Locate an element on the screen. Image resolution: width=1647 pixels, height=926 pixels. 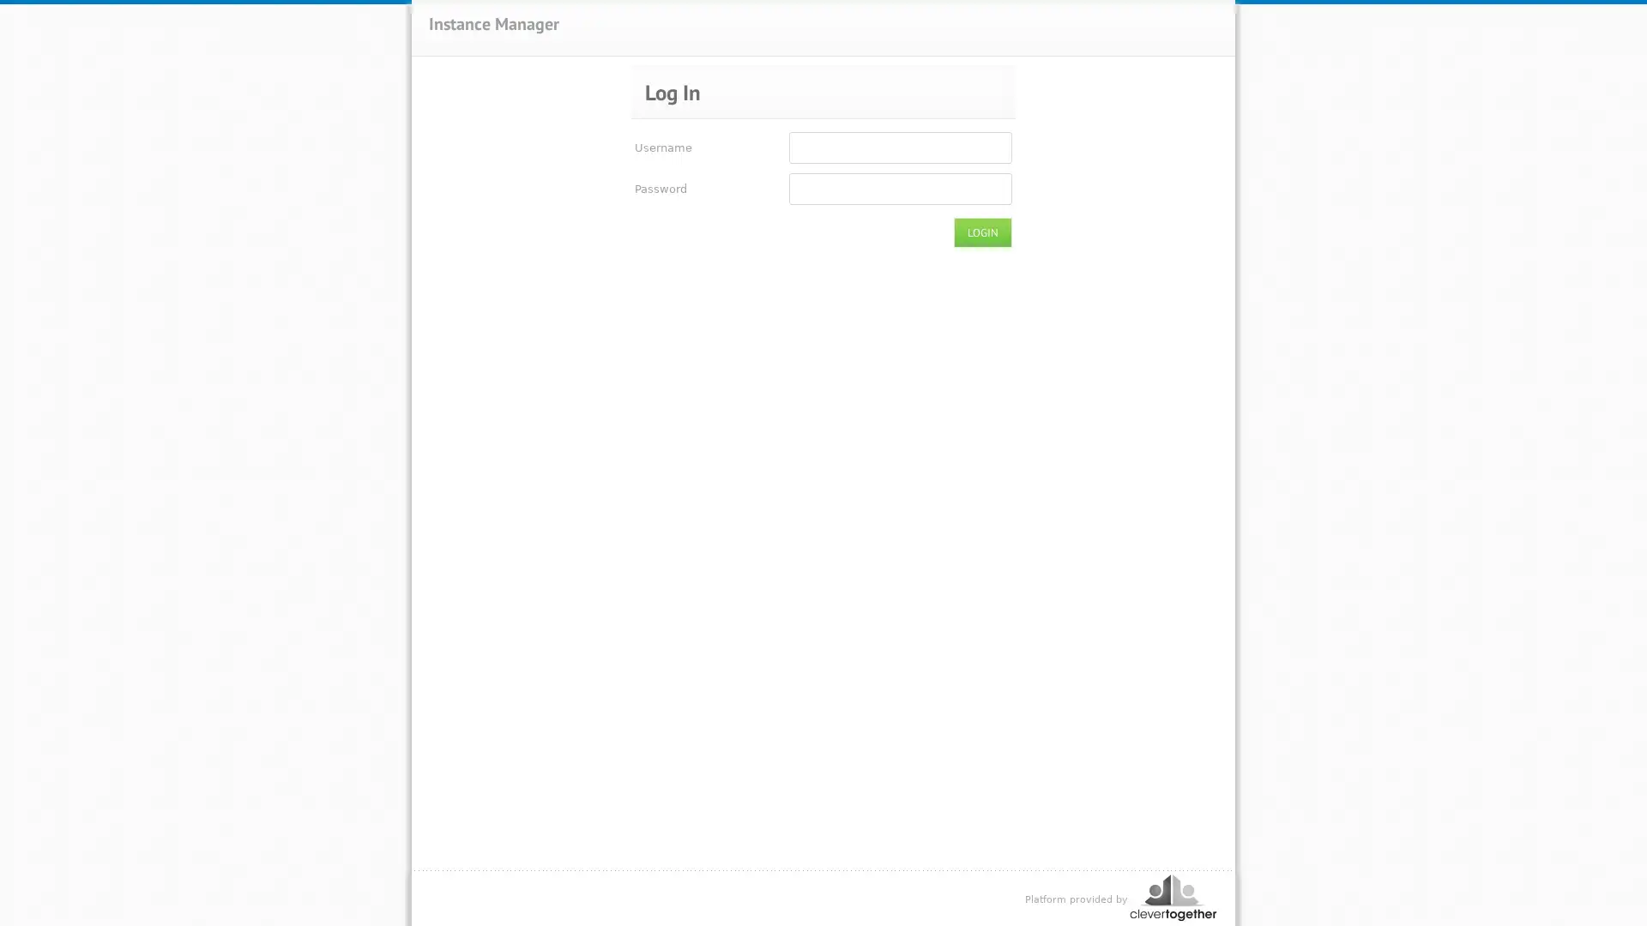
login is located at coordinates (983, 232).